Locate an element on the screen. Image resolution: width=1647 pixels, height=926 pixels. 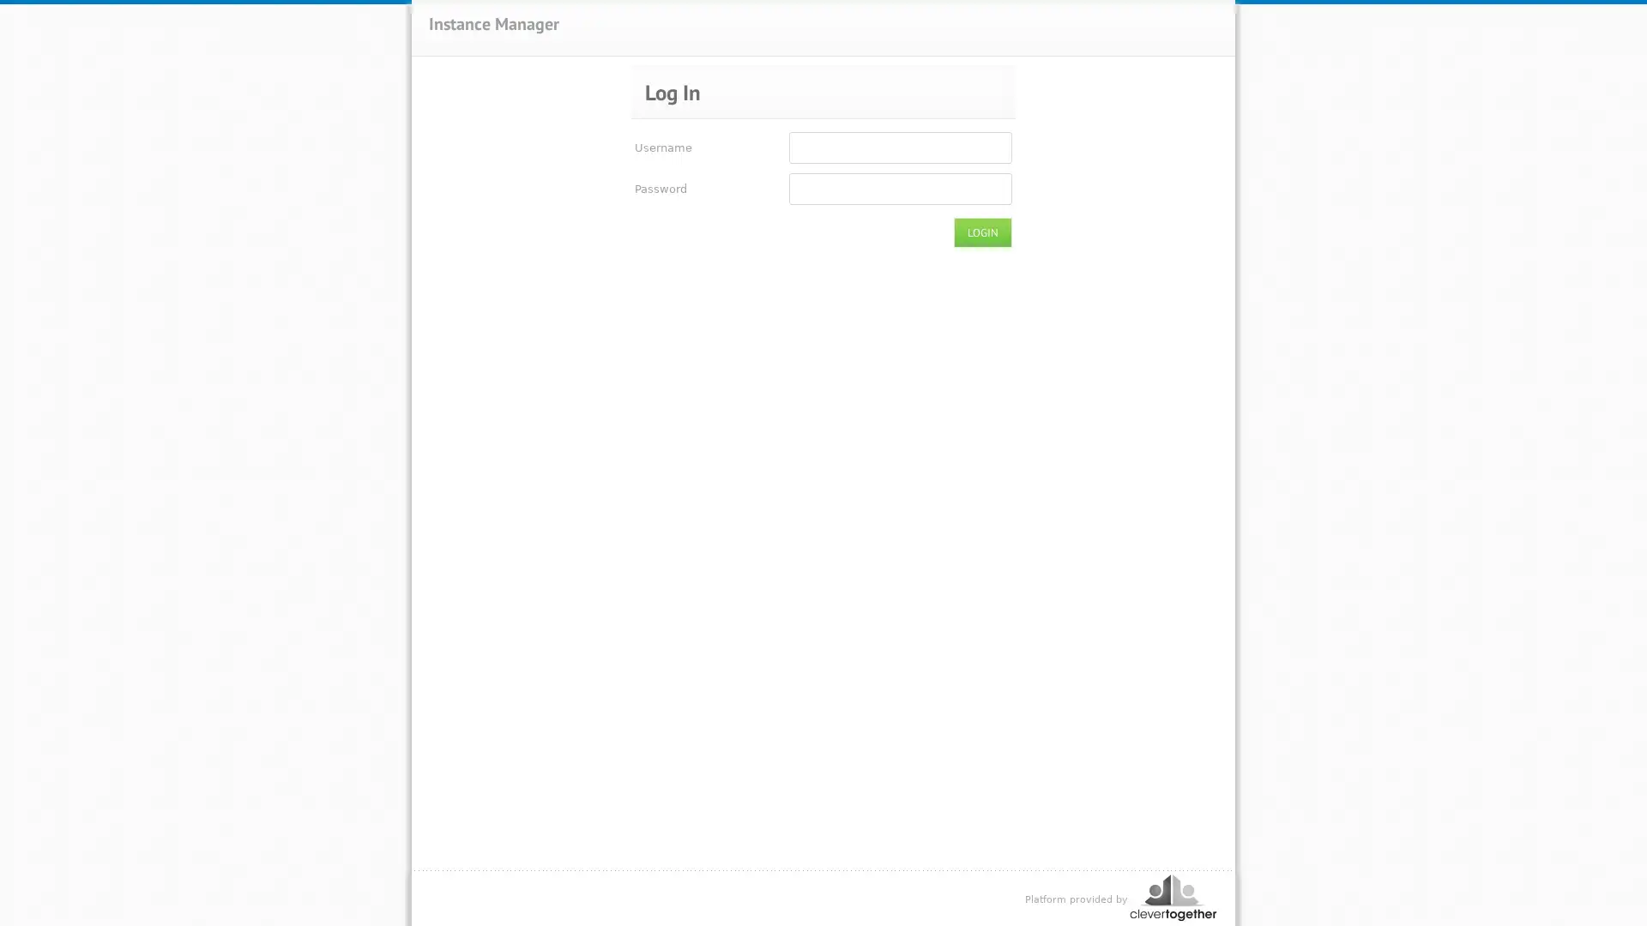
login is located at coordinates (983, 232).